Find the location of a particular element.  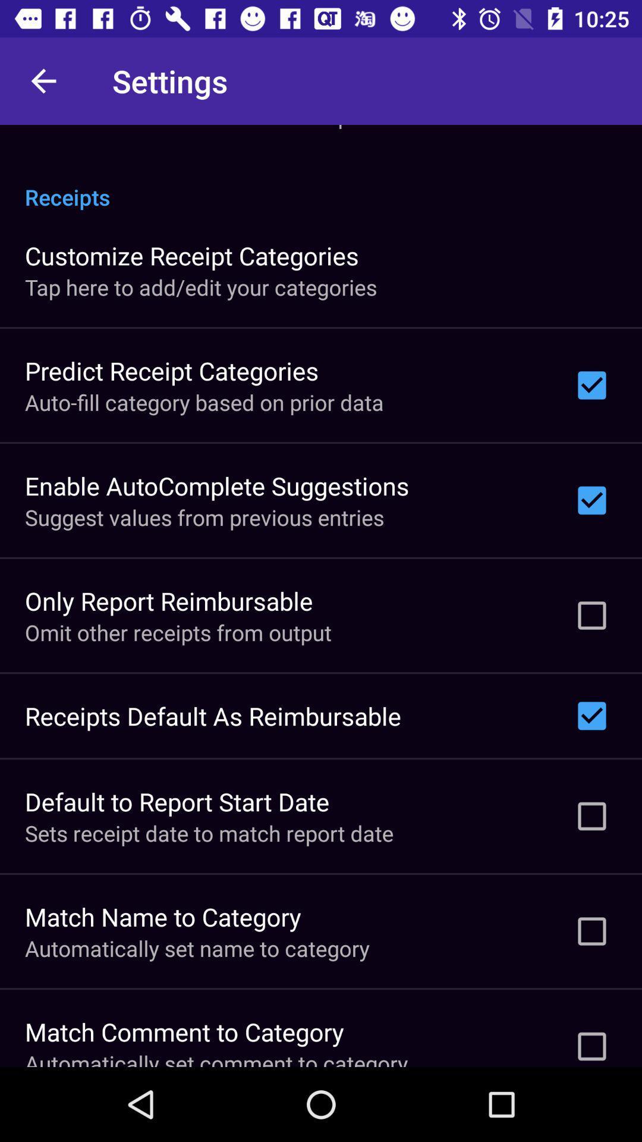

the receipts default as is located at coordinates (212, 715).